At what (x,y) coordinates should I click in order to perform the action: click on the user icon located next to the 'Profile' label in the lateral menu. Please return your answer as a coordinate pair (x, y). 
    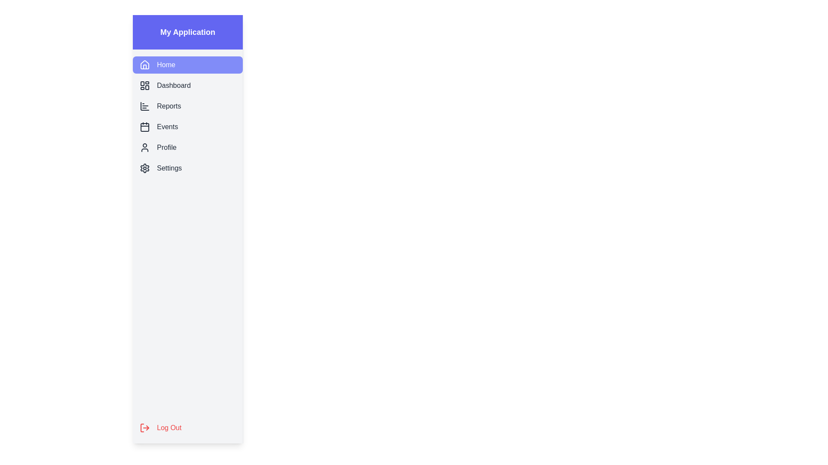
    Looking at the image, I should click on (145, 147).